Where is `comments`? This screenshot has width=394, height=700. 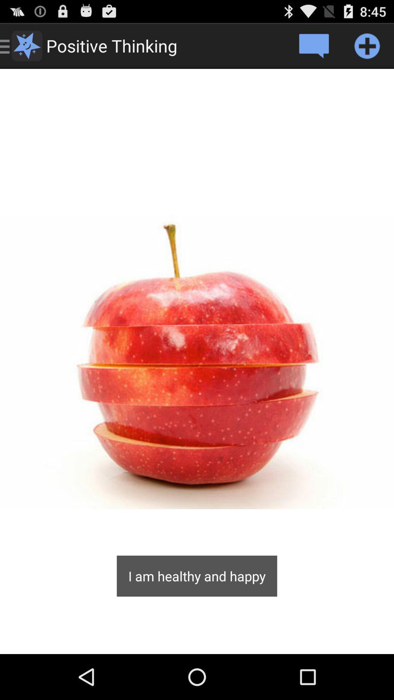 comments is located at coordinates (313, 45).